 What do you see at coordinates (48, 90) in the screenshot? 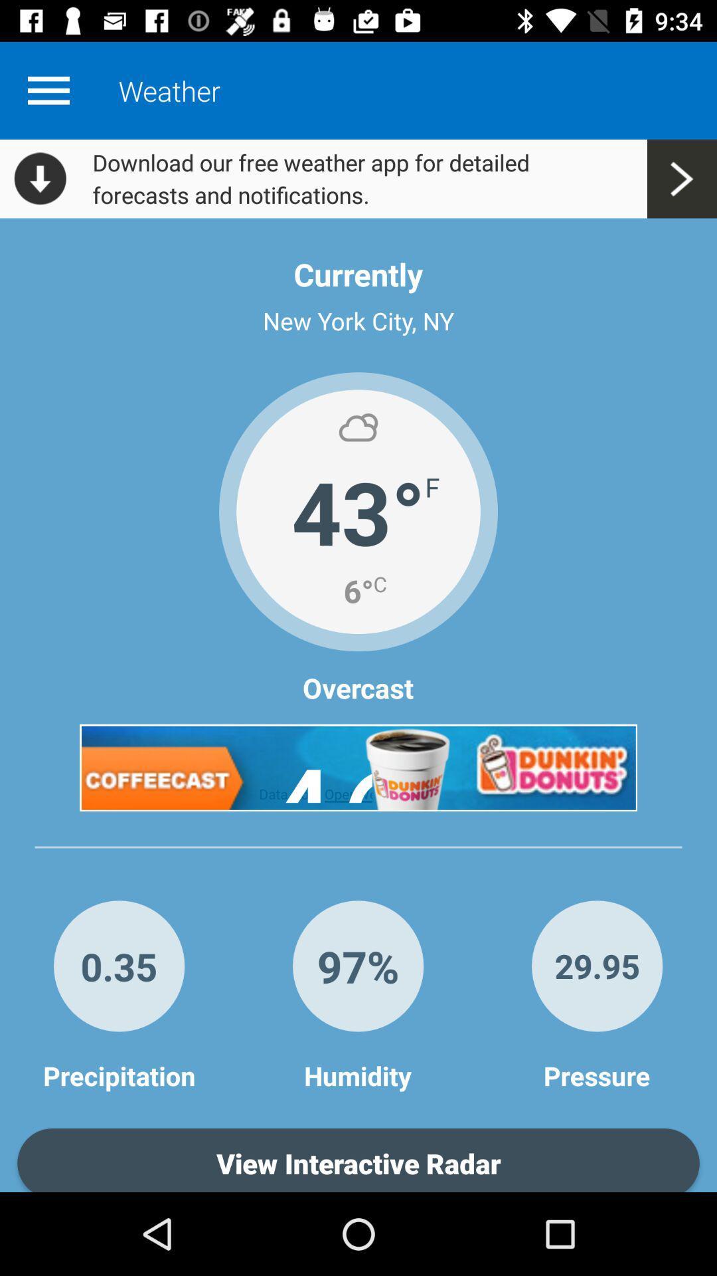
I see `menu options` at bounding box center [48, 90].